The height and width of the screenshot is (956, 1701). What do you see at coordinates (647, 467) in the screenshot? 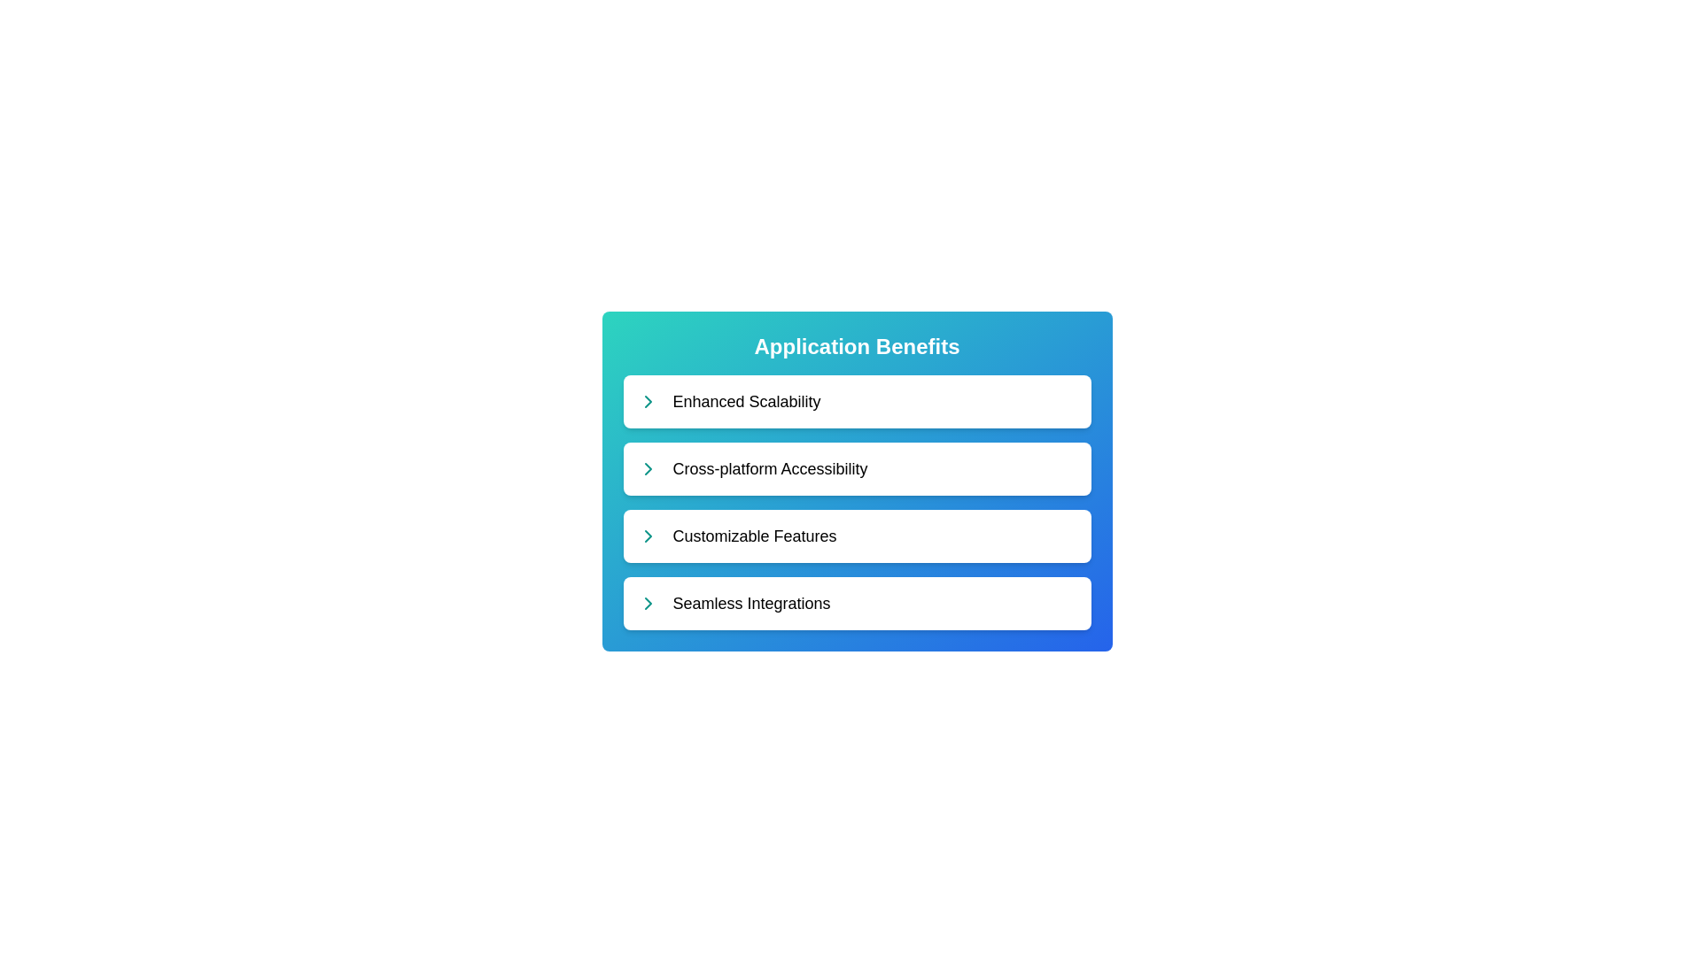
I see `the teal arrow icon pointing right, located to the left of the 'Cross-platform Accessibility' text within the second item of the vertical list of benefits` at bounding box center [647, 467].